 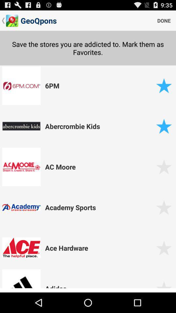 What do you see at coordinates (99, 247) in the screenshot?
I see `the ace hardware item` at bounding box center [99, 247].